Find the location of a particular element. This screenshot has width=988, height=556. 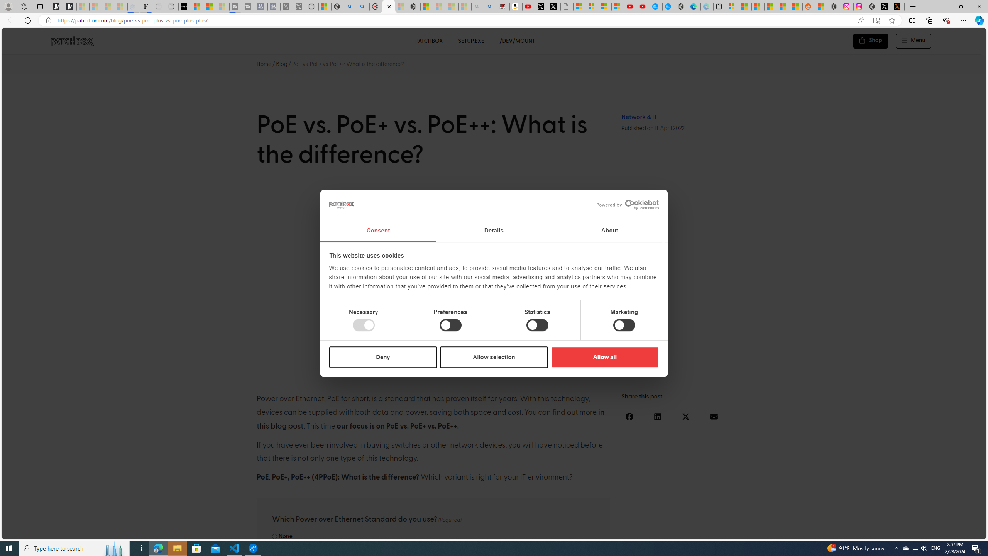

'Language switcher : Danish' is located at coordinates (890, 531).